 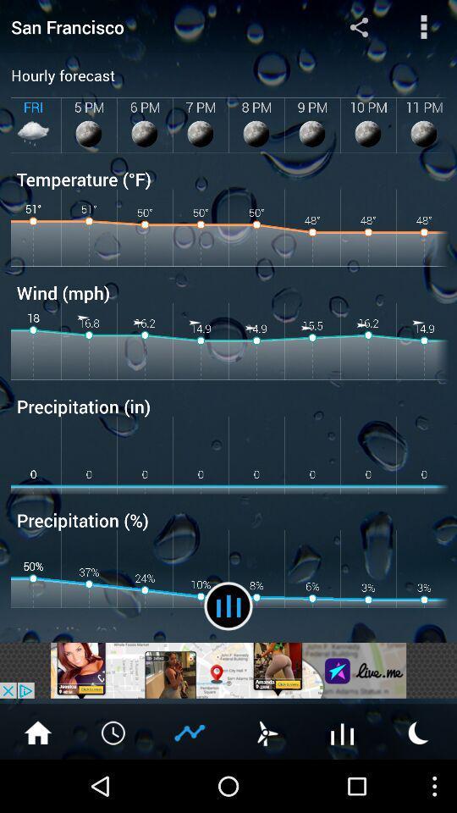 I want to click on time options, so click(x=114, y=731).